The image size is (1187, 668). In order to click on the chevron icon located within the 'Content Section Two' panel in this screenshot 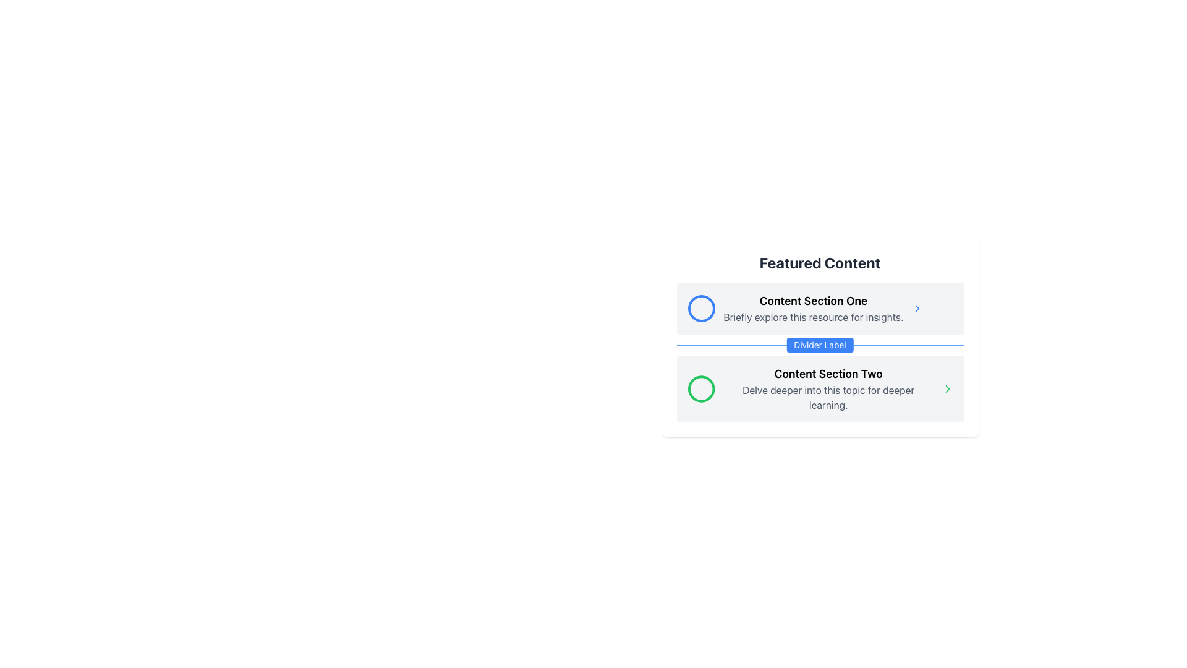, I will do `click(947, 388)`.